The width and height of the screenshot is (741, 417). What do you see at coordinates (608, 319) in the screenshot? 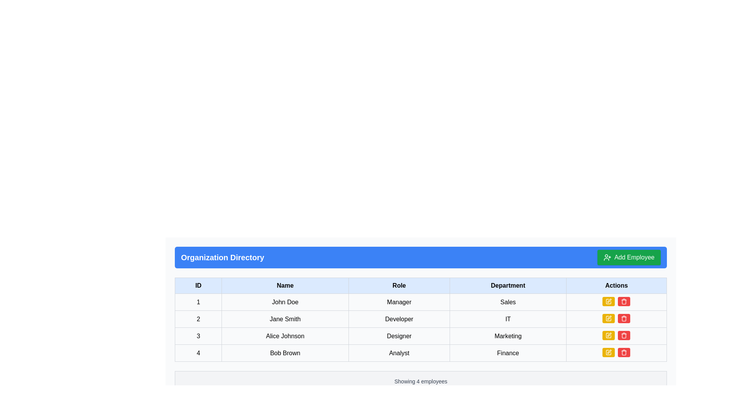
I see `the yellow button with a white pen icon in the 'Actions' column of the second row` at bounding box center [608, 319].